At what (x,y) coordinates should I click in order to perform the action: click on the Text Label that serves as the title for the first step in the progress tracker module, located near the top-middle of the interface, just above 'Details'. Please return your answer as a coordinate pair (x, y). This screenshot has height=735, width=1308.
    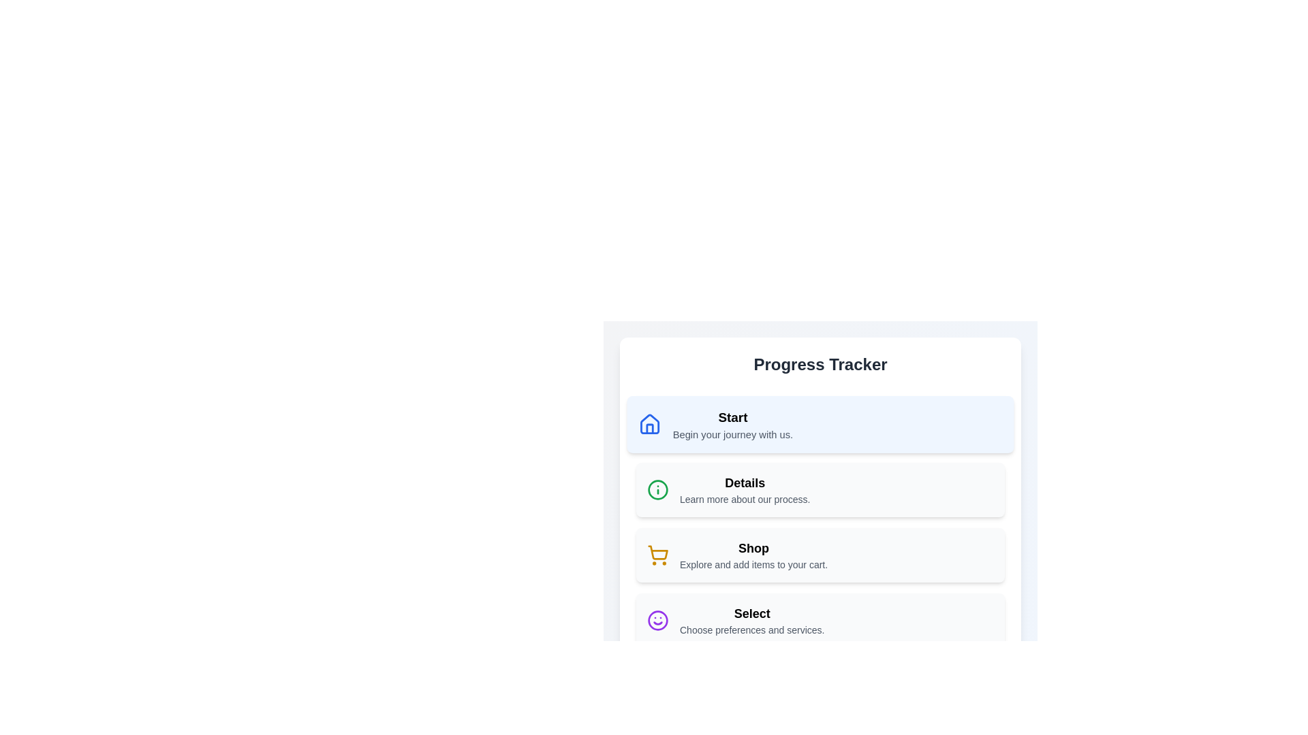
    Looking at the image, I should click on (732, 416).